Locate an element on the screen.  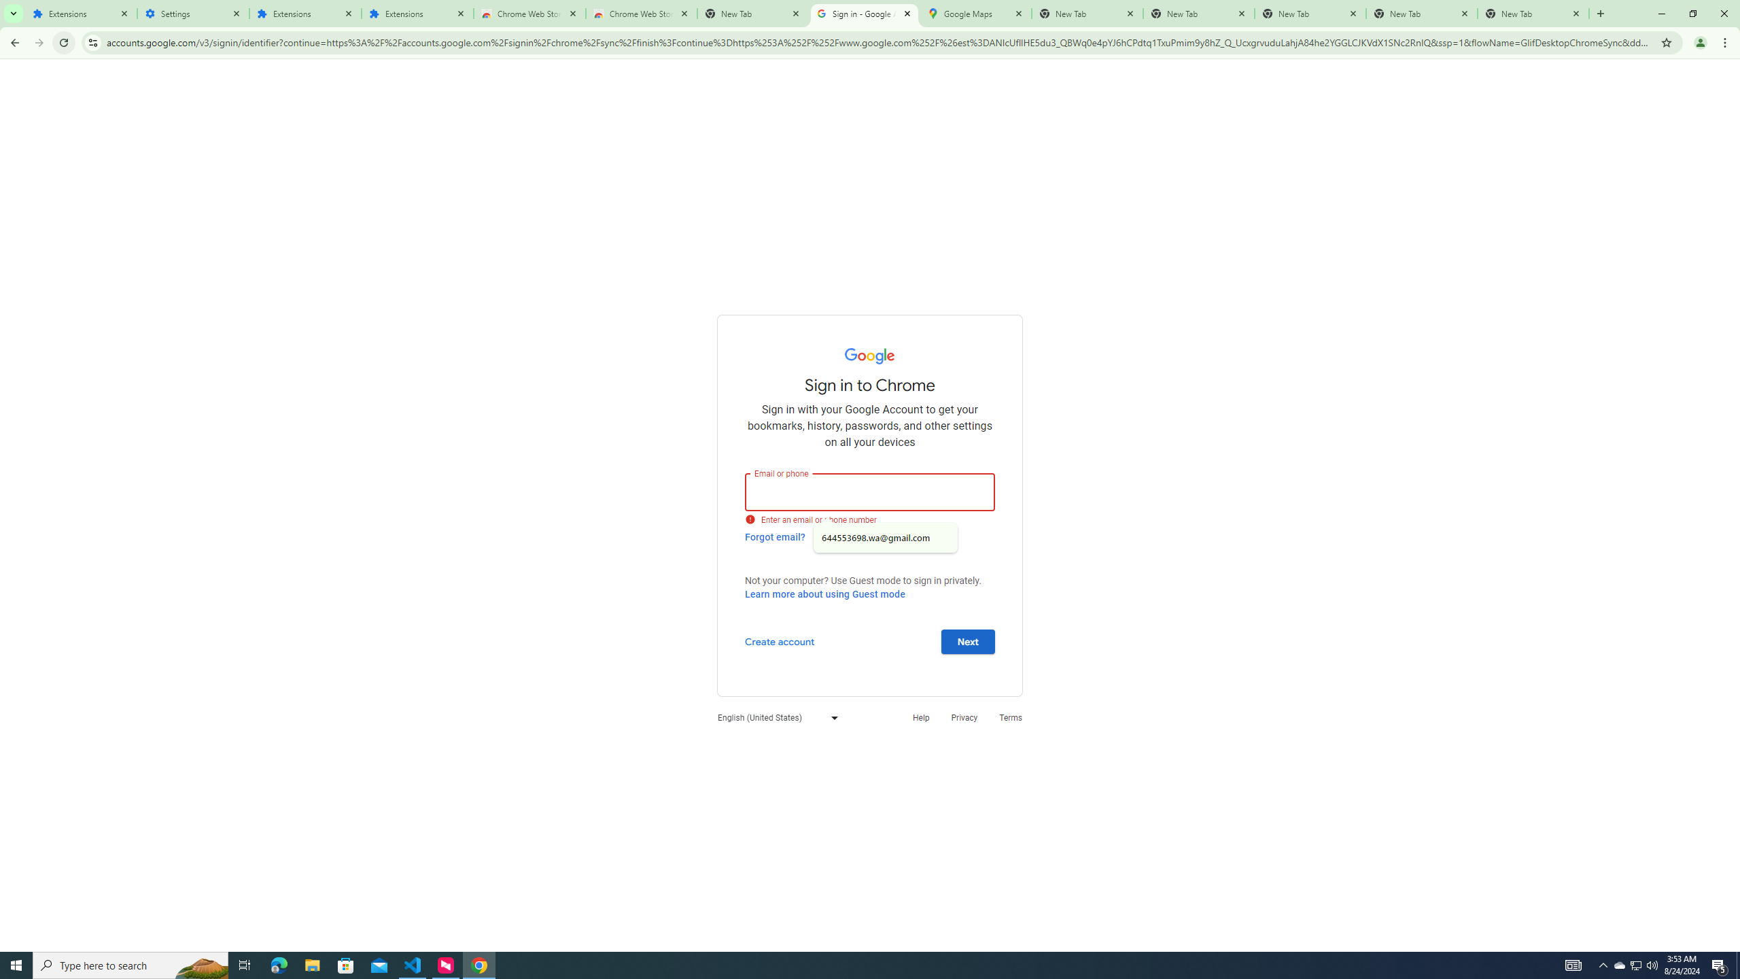
'Learn more about using Guest mode' is located at coordinates (824, 594).